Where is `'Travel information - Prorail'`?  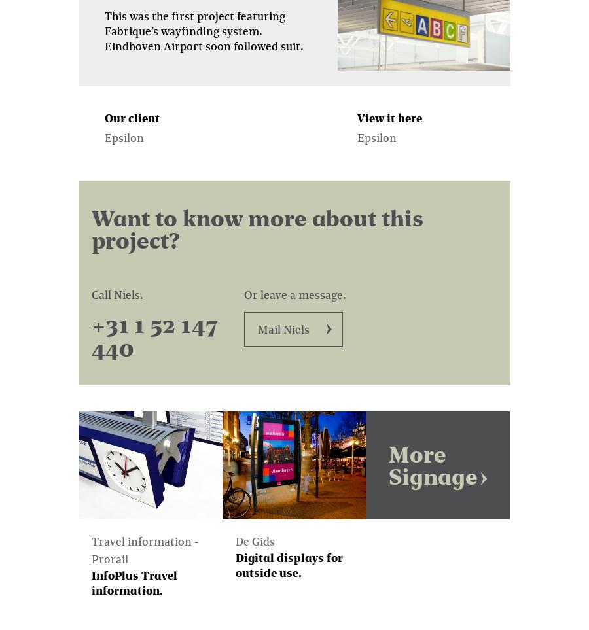
'Travel information - Prorail' is located at coordinates (92, 549).